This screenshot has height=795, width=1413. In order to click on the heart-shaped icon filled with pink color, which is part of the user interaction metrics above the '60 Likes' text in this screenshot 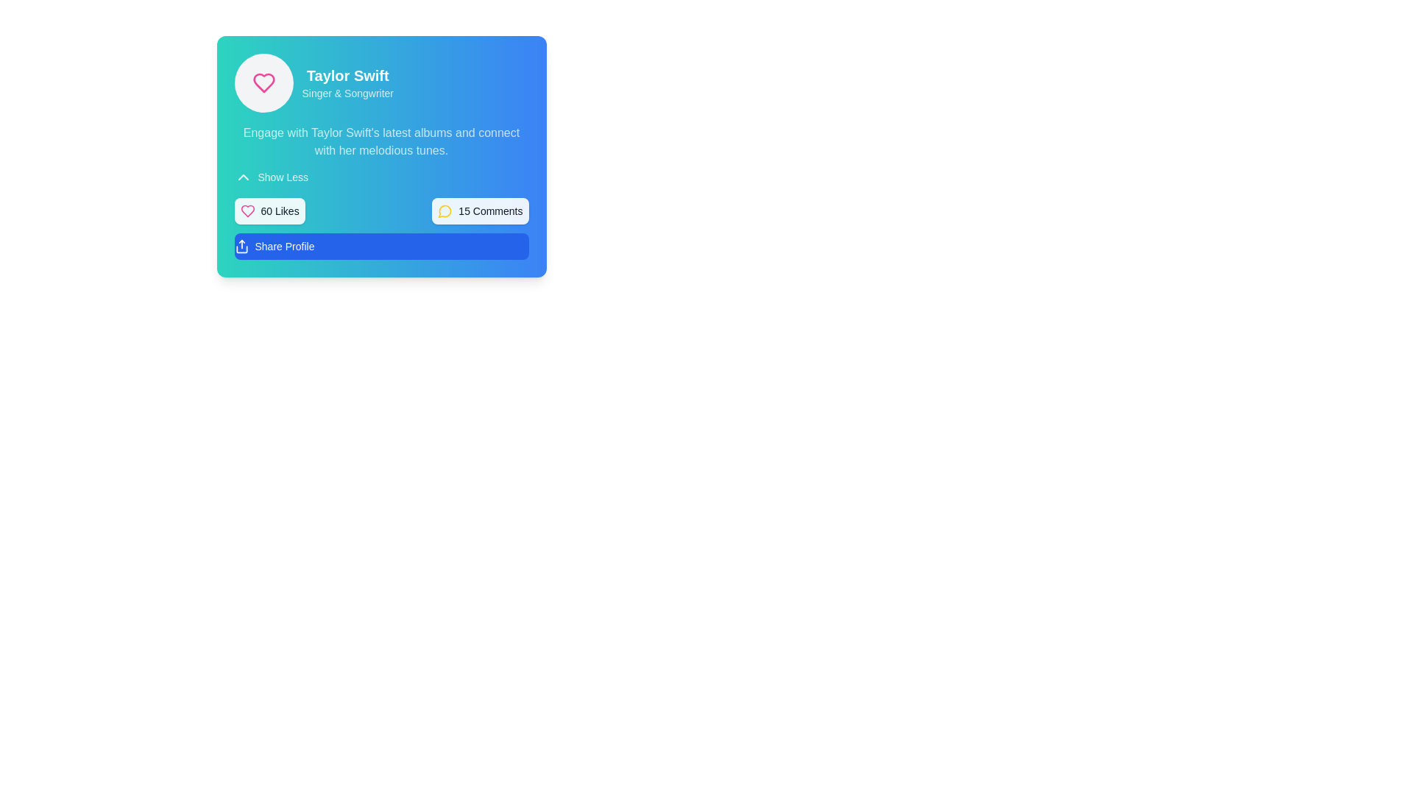, I will do `click(247, 211)`.